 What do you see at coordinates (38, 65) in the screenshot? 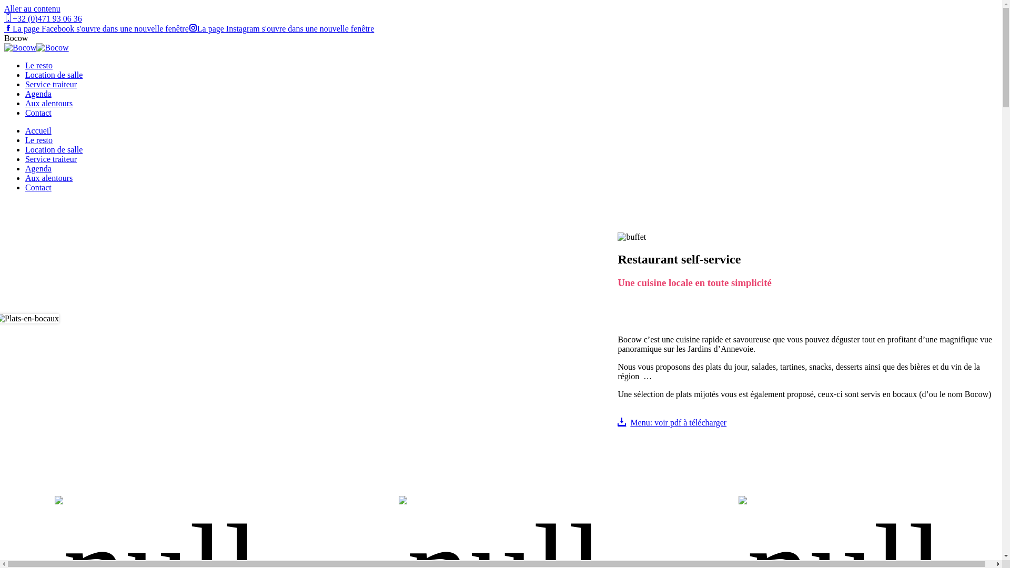
I see `'Le resto'` at bounding box center [38, 65].